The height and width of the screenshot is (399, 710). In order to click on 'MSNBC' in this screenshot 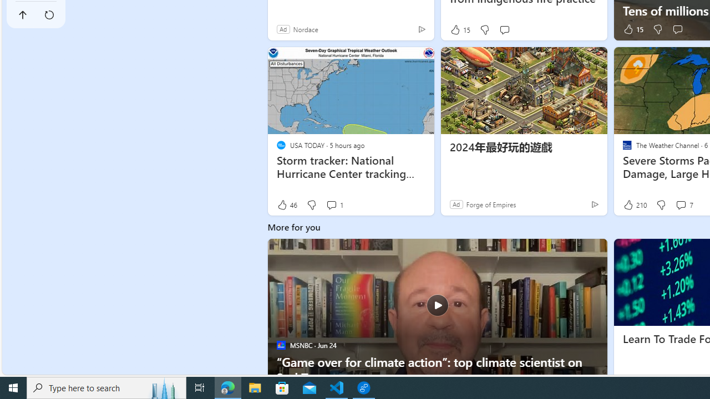, I will do `click(281, 344)`.